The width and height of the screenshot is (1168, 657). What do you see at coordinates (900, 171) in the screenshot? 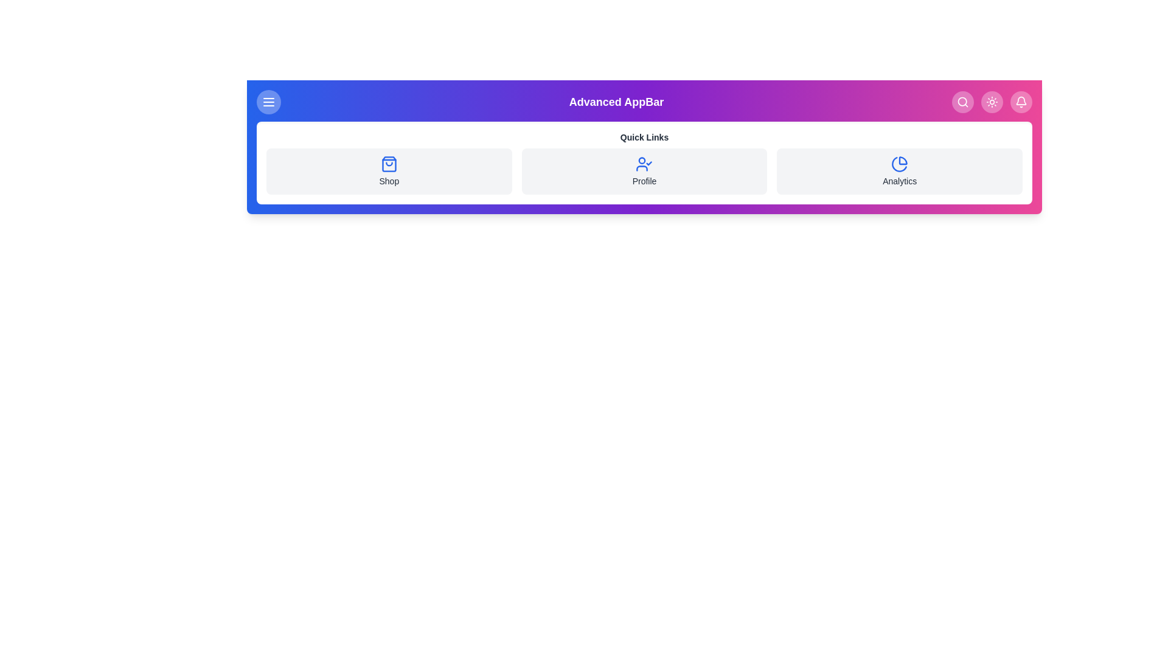
I see `the quick link labeled Analytics` at bounding box center [900, 171].